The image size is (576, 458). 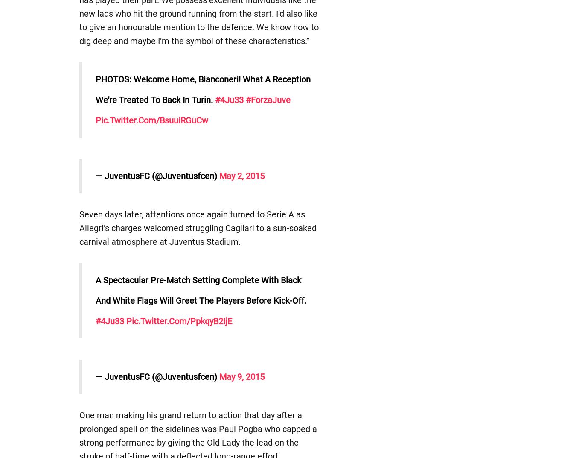 What do you see at coordinates (241, 175) in the screenshot?
I see `'May 2, 2015'` at bounding box center [241, 175].